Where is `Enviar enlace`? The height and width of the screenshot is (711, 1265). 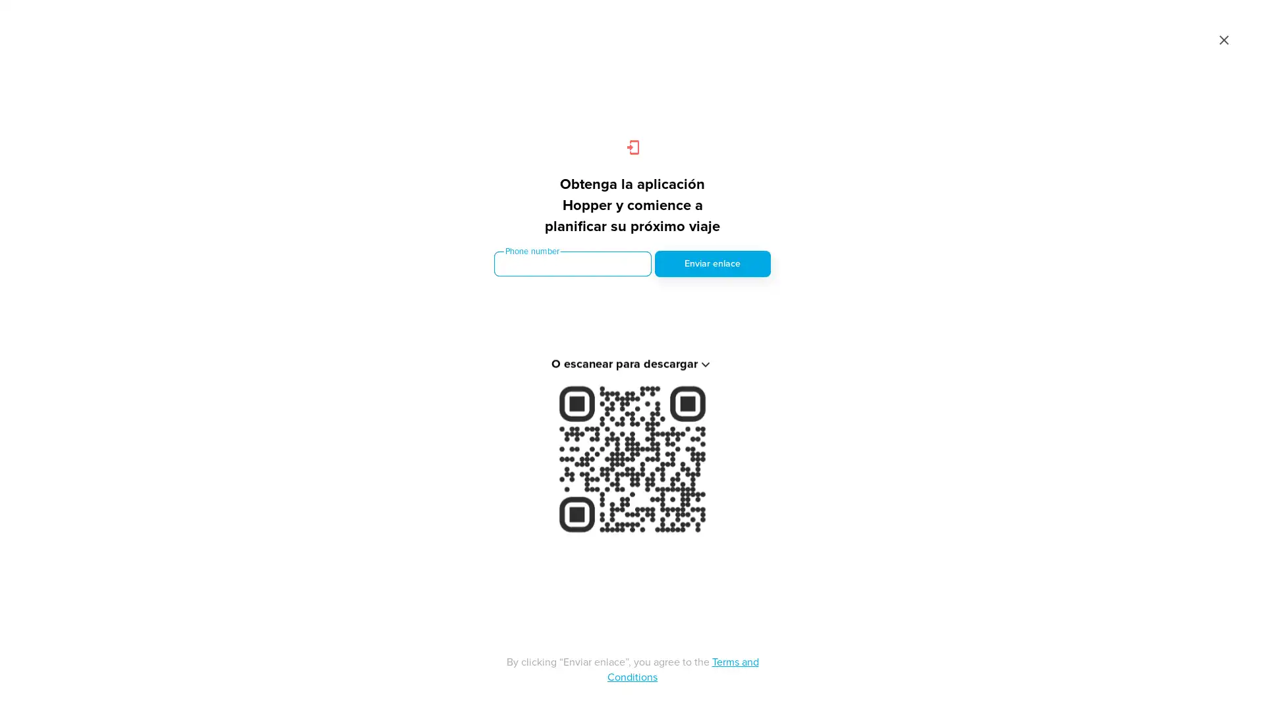
Enviar enlace is located at coordinates (712, 264).